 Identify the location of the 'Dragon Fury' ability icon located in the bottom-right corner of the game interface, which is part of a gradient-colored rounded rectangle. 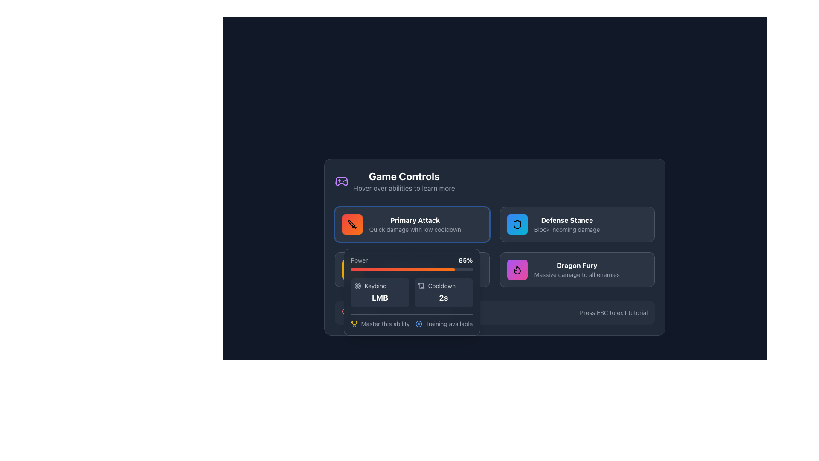
(517, 270).